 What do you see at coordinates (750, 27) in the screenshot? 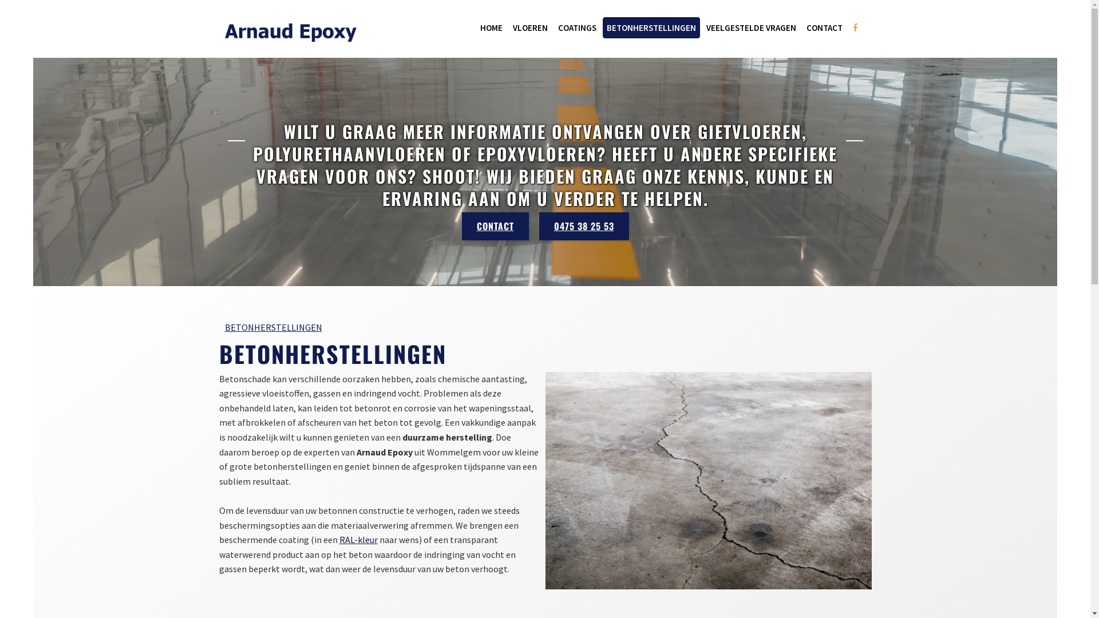
I see `'VEELGESTELDE VRAGEN'` at bounding box center [750, 27].